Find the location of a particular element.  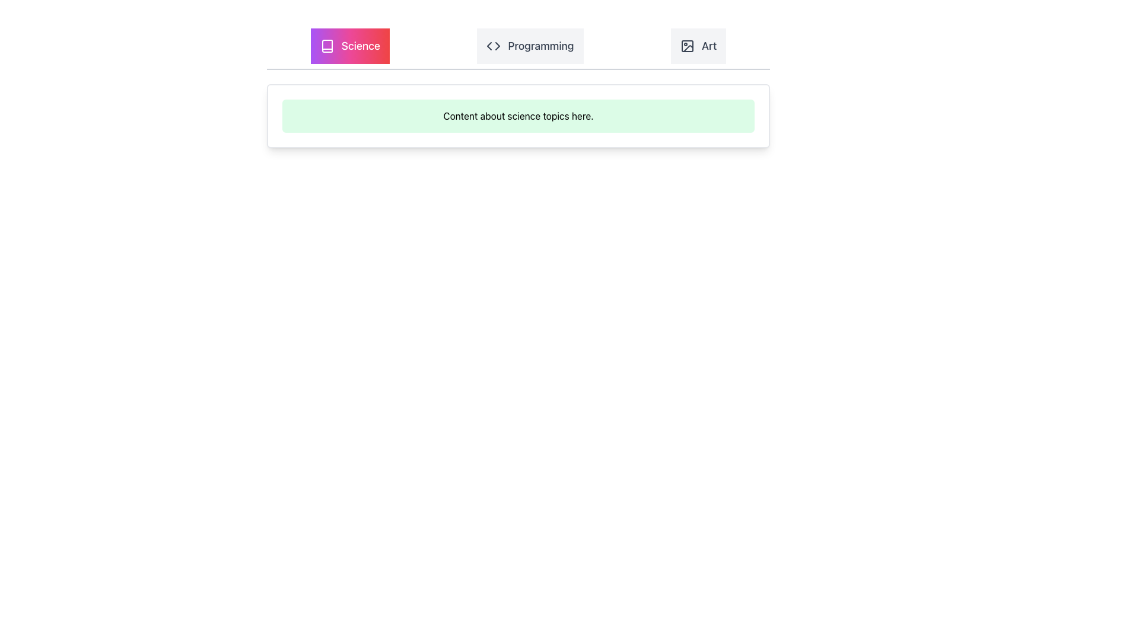

the left triangular element of the bi-directional arrow icon, which is part of an SVG illustration used for navigation is located at coordinates (489, 45).